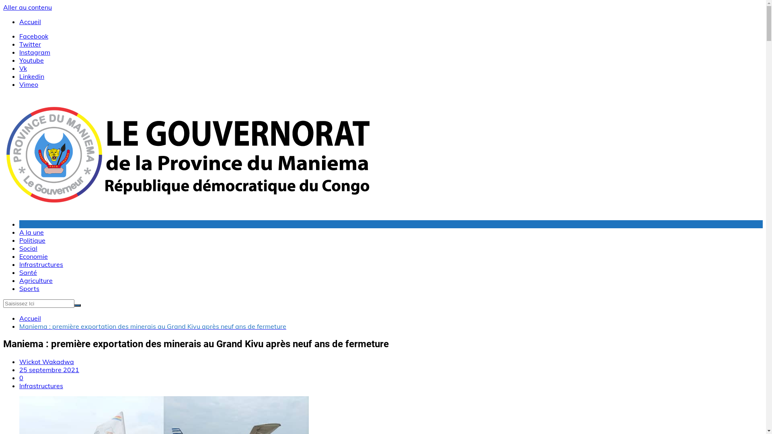  I want to click on 'Social', so click(28, 248).